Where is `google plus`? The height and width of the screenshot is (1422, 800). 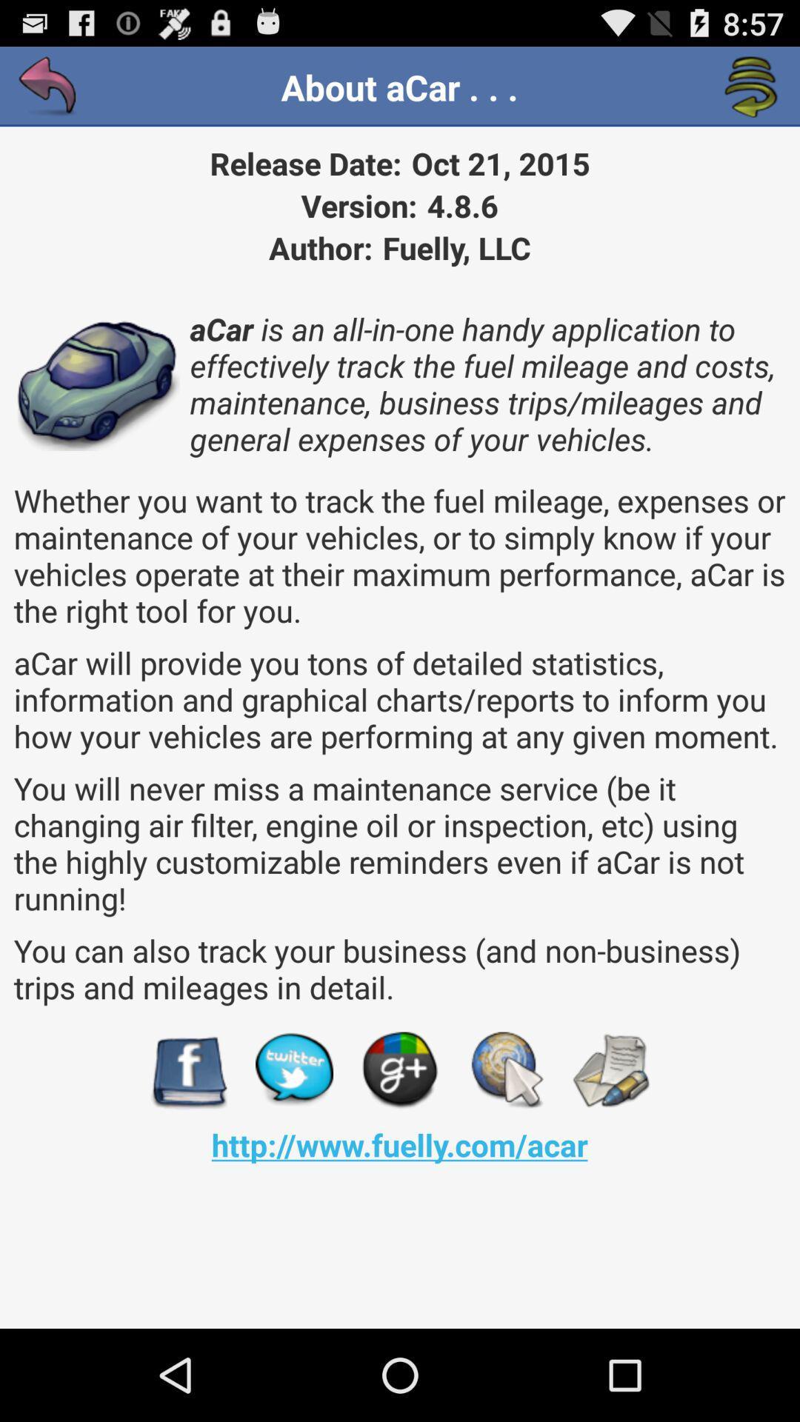
google plus is located at coordinates (400, 1070).